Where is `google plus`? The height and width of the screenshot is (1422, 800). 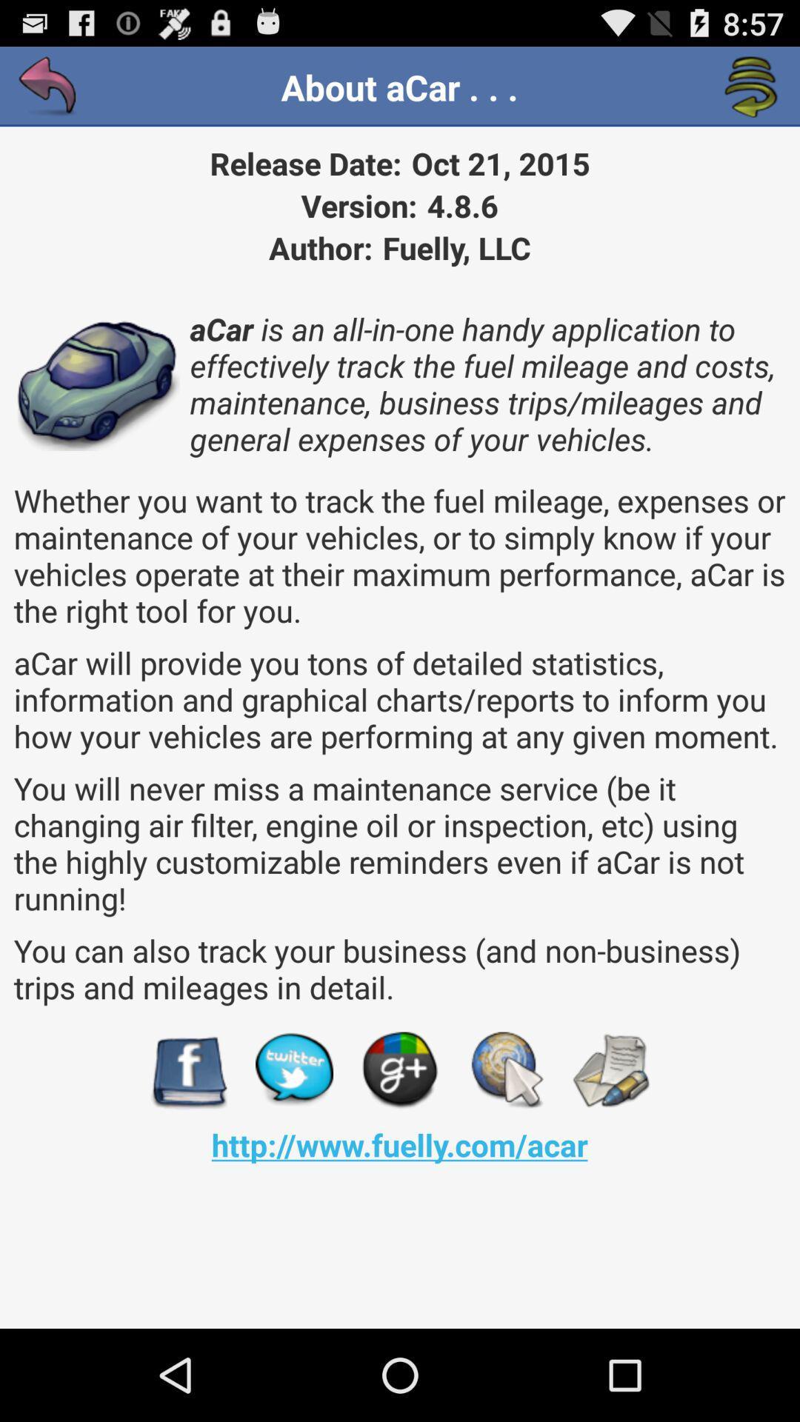
google plus is located at coordinates (400, 1070).